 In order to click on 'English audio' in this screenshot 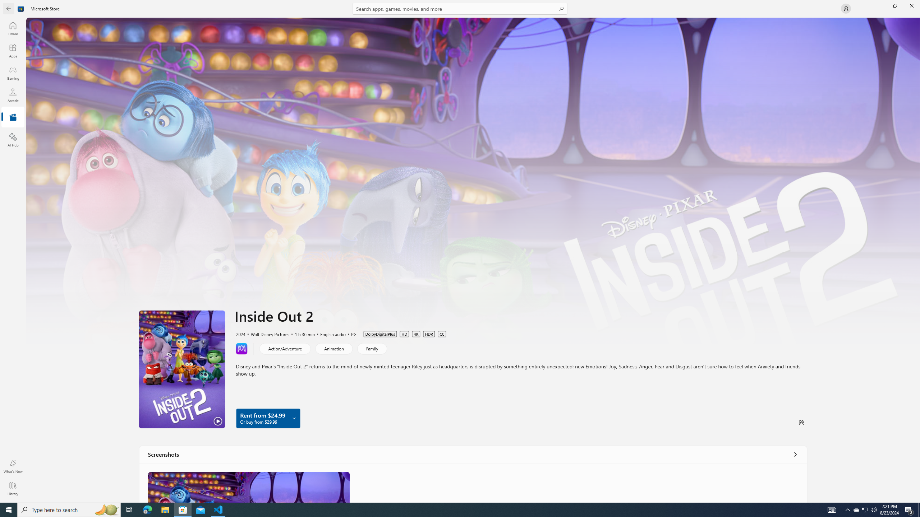, I will do `click(330, 333)`.